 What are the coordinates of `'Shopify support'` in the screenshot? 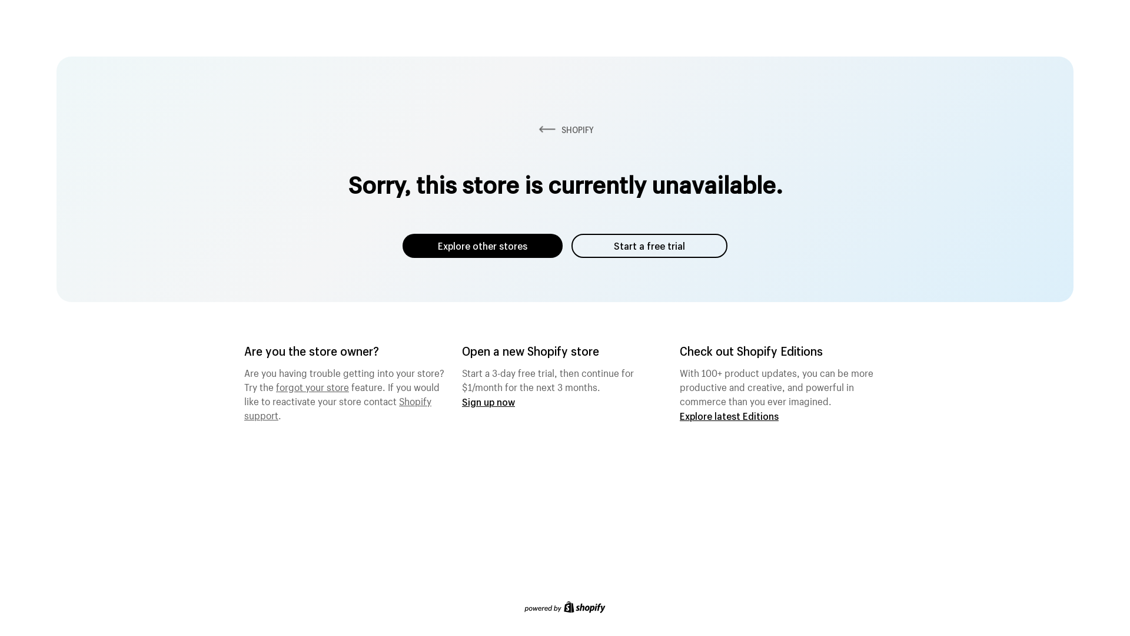 It's located at (337, 406).